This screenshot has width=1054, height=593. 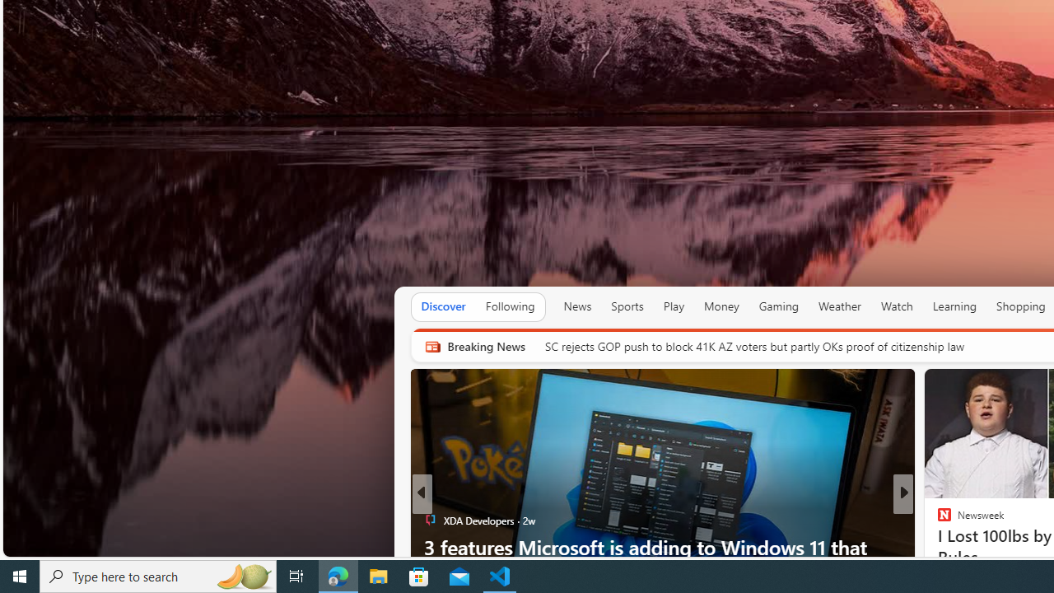 What do you see at coordinates (937, 546) in the screenshot?
I see `'The Telegraph'` at bounding box center [937, 546].